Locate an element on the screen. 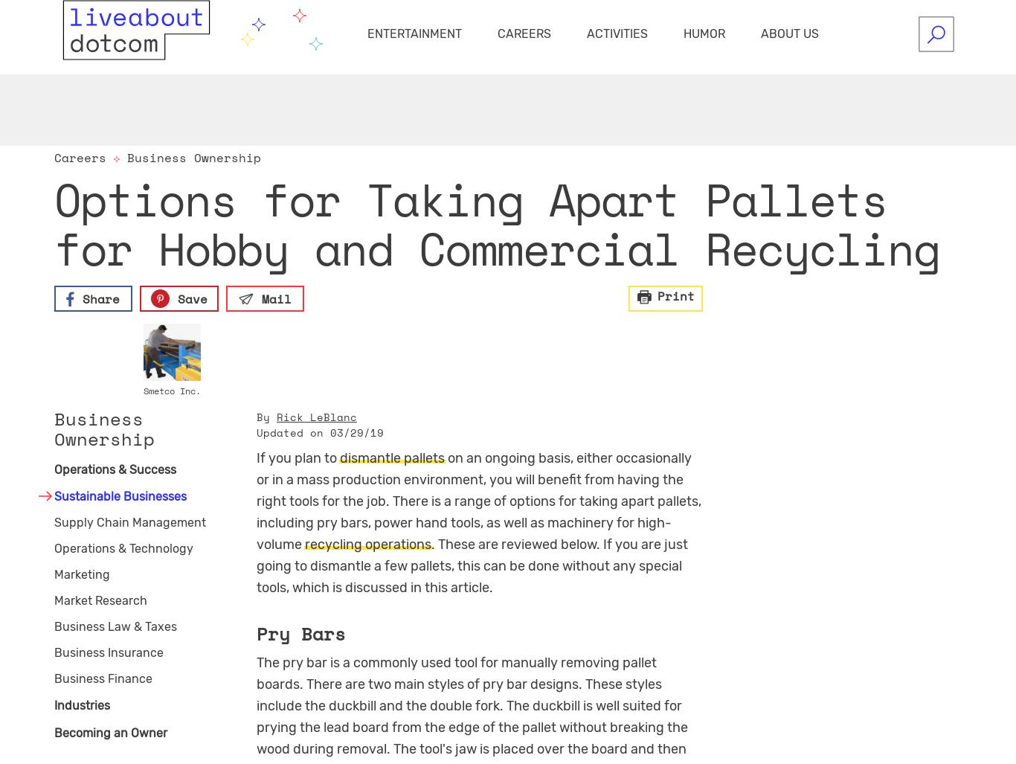 The height and width of the screenshot is (764, 1016). 'Rick LeBlanc' is located at coordinates (316, 415).